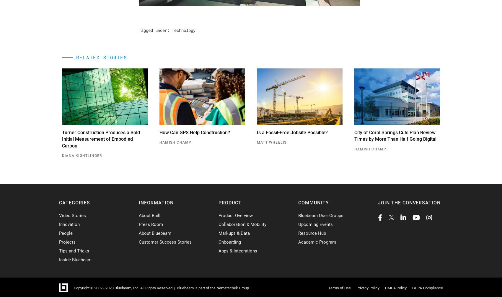 Image resolution: width=502 pixels, height=297 pixels. I want to click on 'Related Stories', so click(101, 57).